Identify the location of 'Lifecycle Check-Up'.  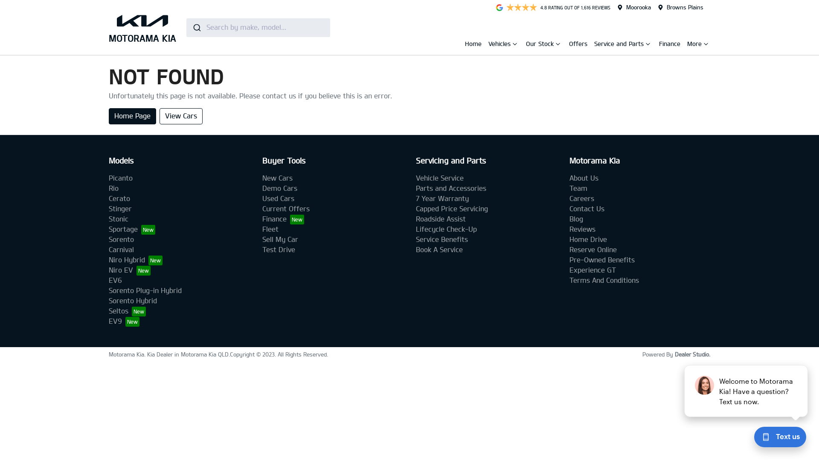
(446, 229).